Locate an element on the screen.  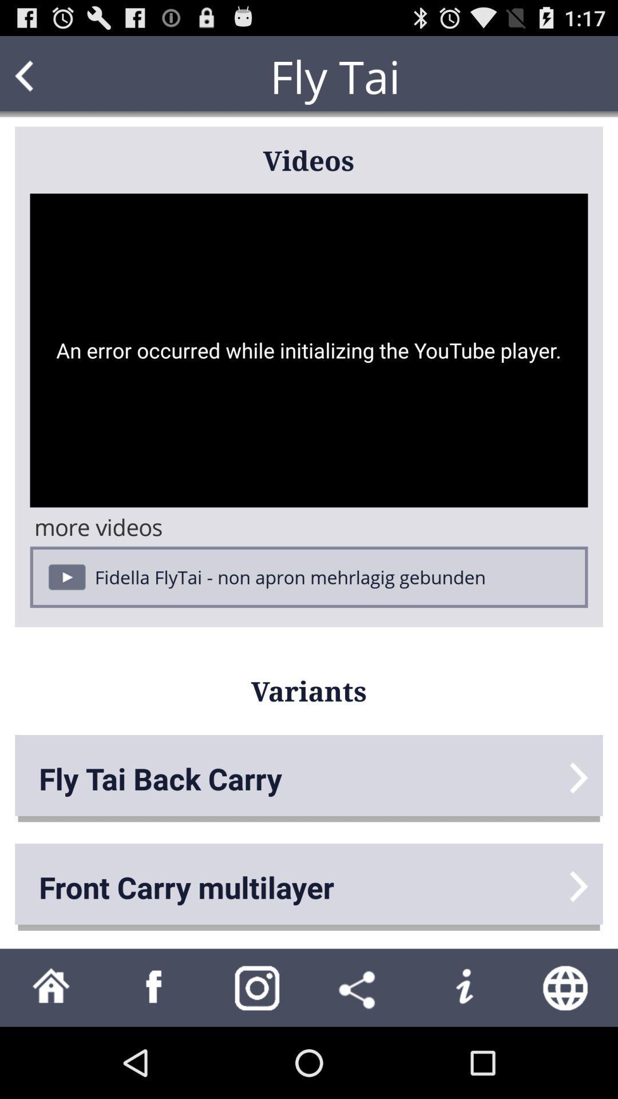
home screen is located at coordinates (50, 987).